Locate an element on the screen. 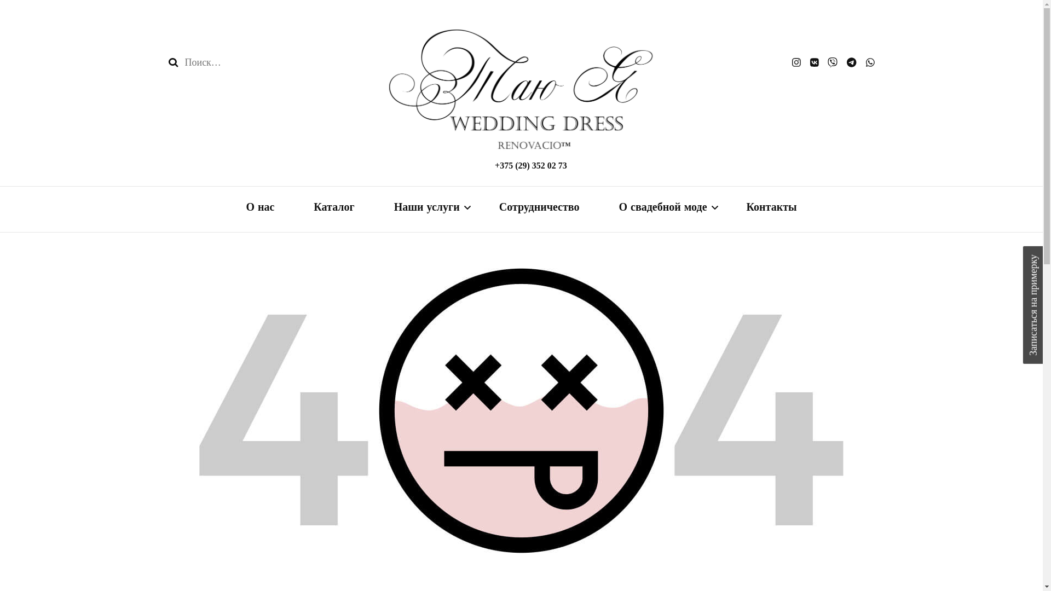 The height and width of the screenshot is (591, 1051). '+375 (29) 352 02 73' is located at coordinates (494, 165).